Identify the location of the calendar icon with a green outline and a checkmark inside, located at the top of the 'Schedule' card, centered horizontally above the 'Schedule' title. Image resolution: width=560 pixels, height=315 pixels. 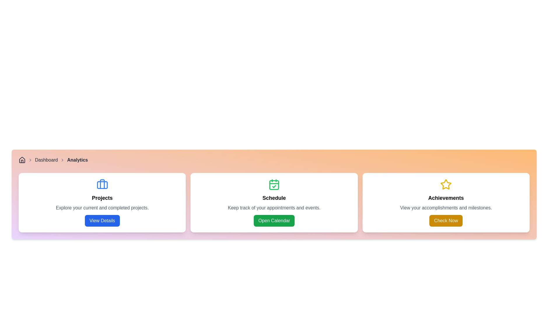
(274, 184).